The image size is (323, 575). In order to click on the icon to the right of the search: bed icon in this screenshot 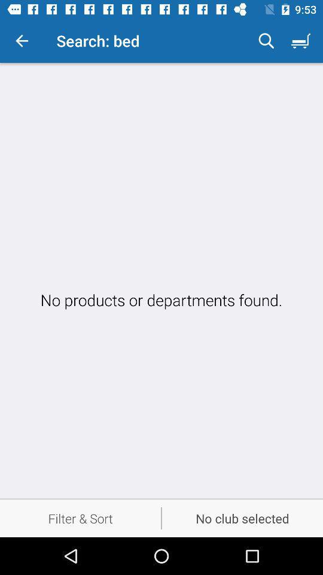, I will do `click(266, 41)`.